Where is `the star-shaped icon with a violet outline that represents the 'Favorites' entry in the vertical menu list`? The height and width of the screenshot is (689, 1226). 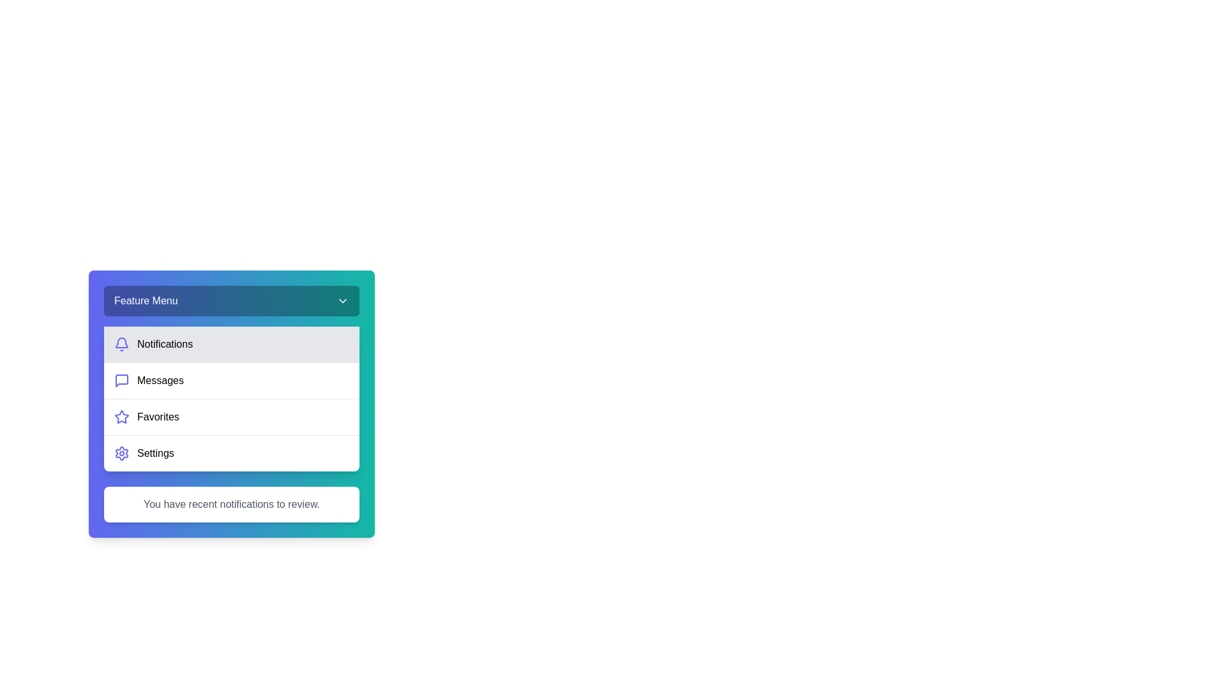 the star-shaped icon with a violet outline that represents the 'Favorites' entry in the vertical menu list is located at coordinates (122, 417).